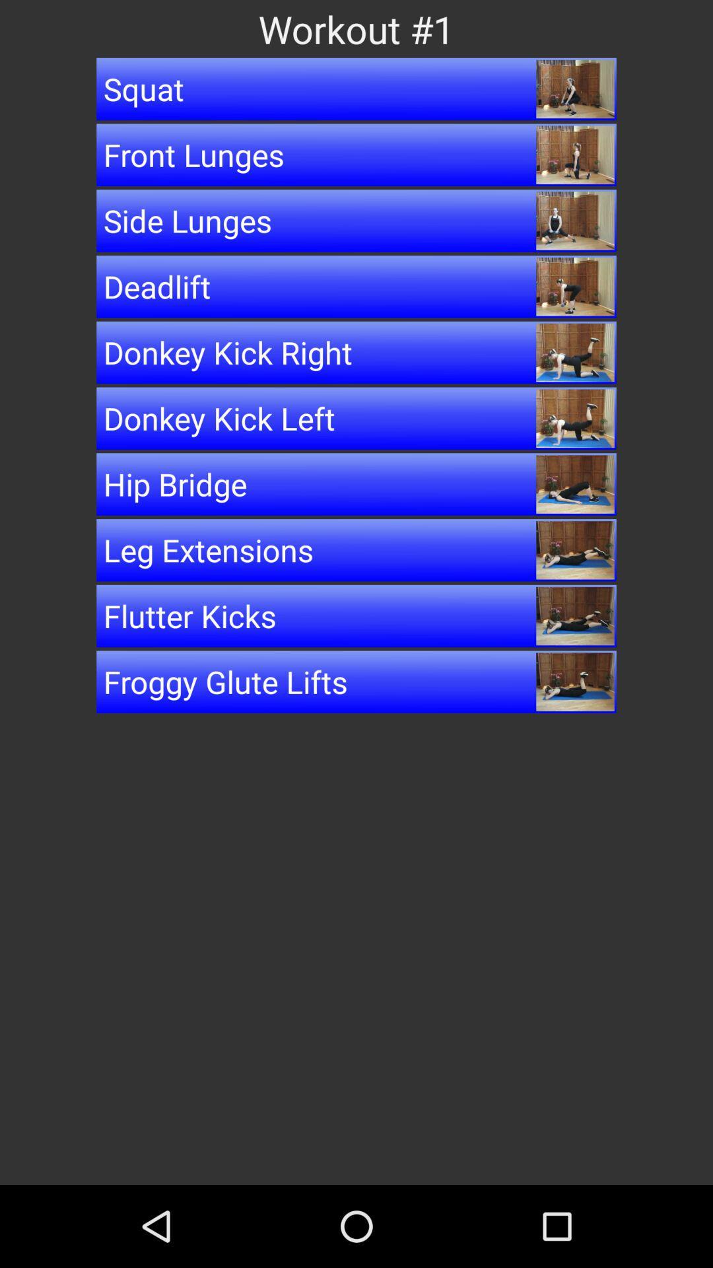  What do you see at coordinates (356, 155) in the screenshot?
I see `the front lunges` at bounding box center [356, 155].